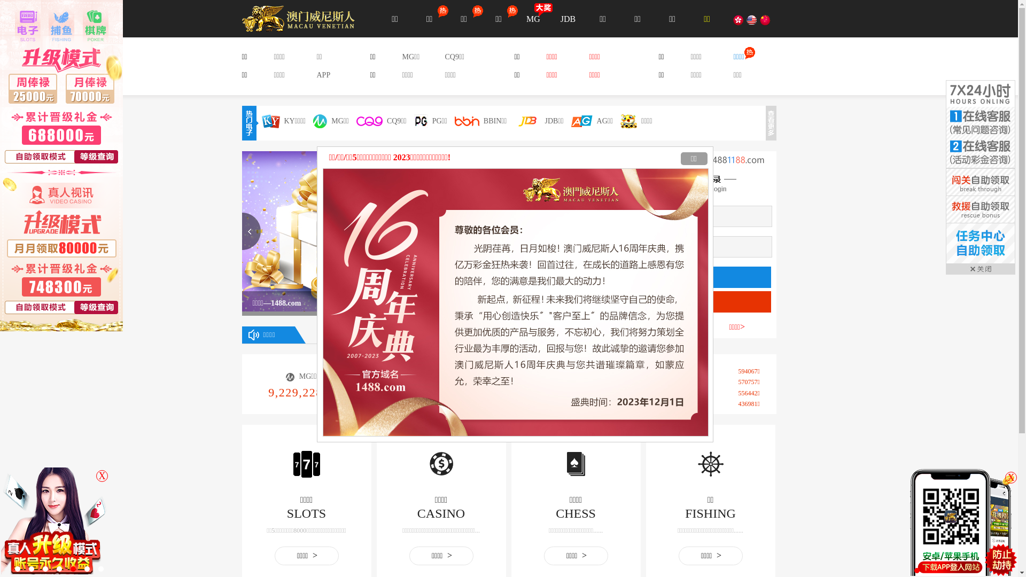 The width and height of the screenshot is (1026, 577). Describe the element at coordinates (315, 74) in the screenshot. I see `'APP'` at that location.